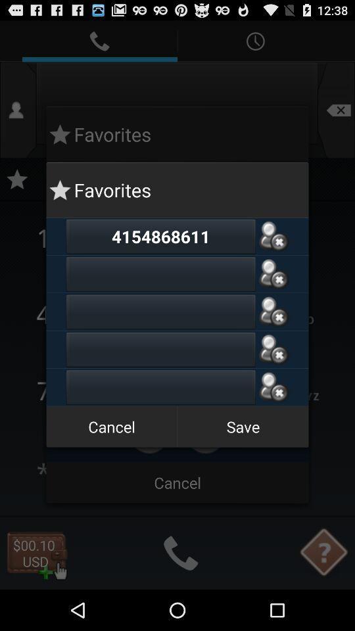 The height and width of the screenshot is (631, 355). Describe the element at coordinates (160, 387) in the screenshot. I see `a place to enter a value` at that location.